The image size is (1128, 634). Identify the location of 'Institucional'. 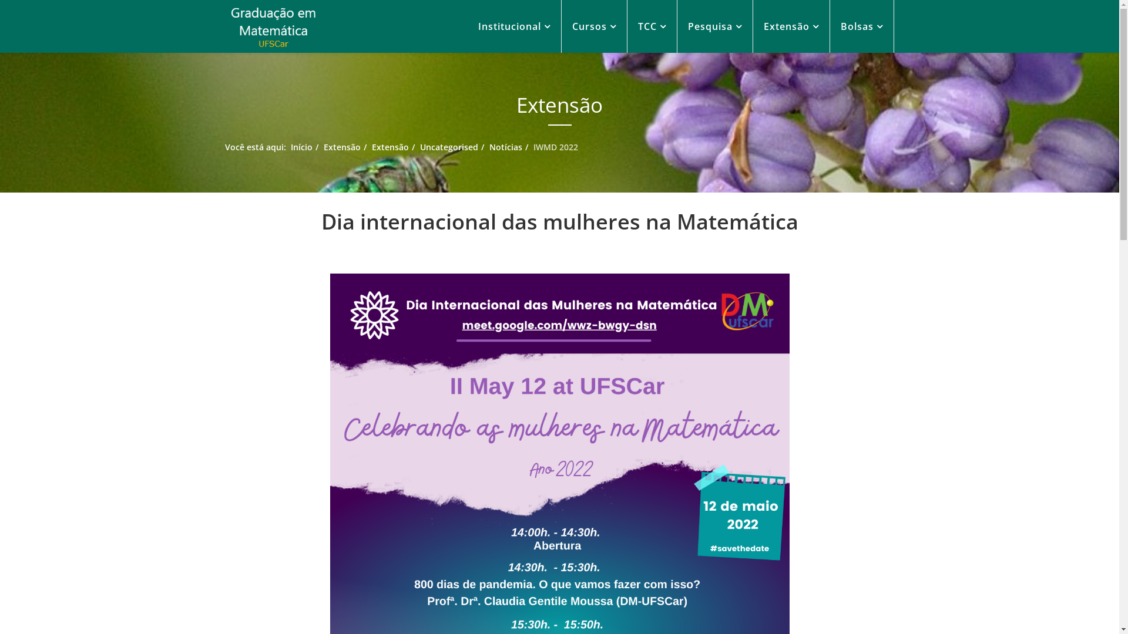
(514, 26).